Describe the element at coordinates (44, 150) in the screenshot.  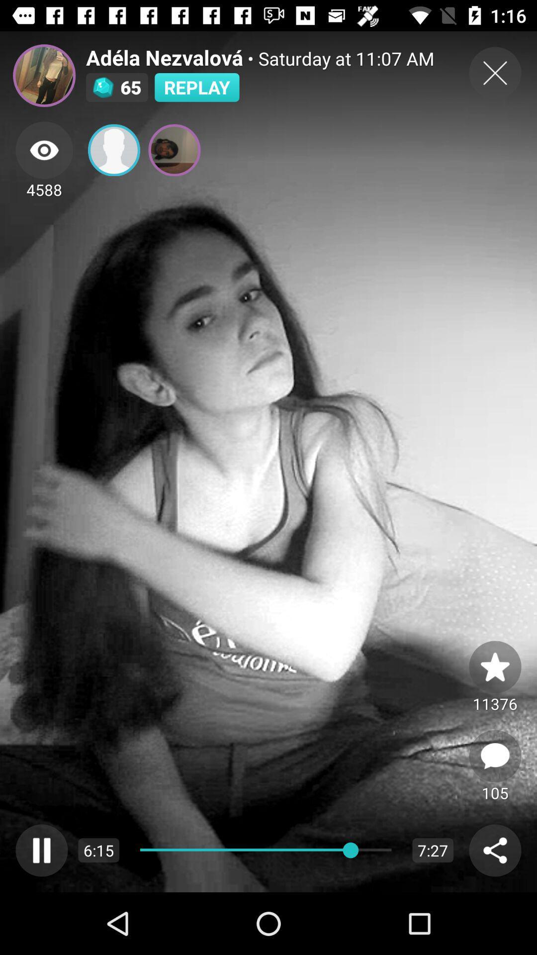
I see `the visibility icon` at that location.